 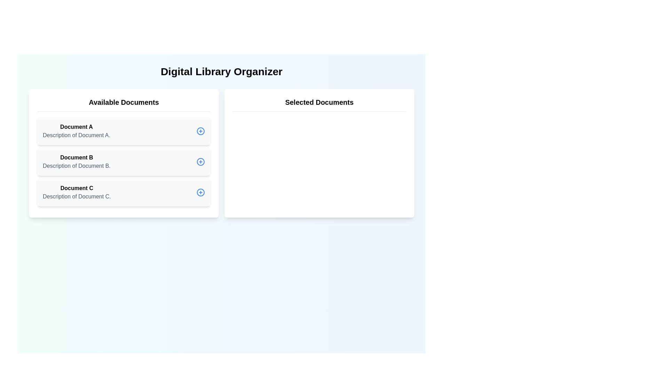 What do you see at coordinates (200, 192) in the screenshot?
I see `the details of the 'circle-plus' icon located in the lower right of the 'Document C' item in the 'Available Documents' list` at bounding box center [200, 192].